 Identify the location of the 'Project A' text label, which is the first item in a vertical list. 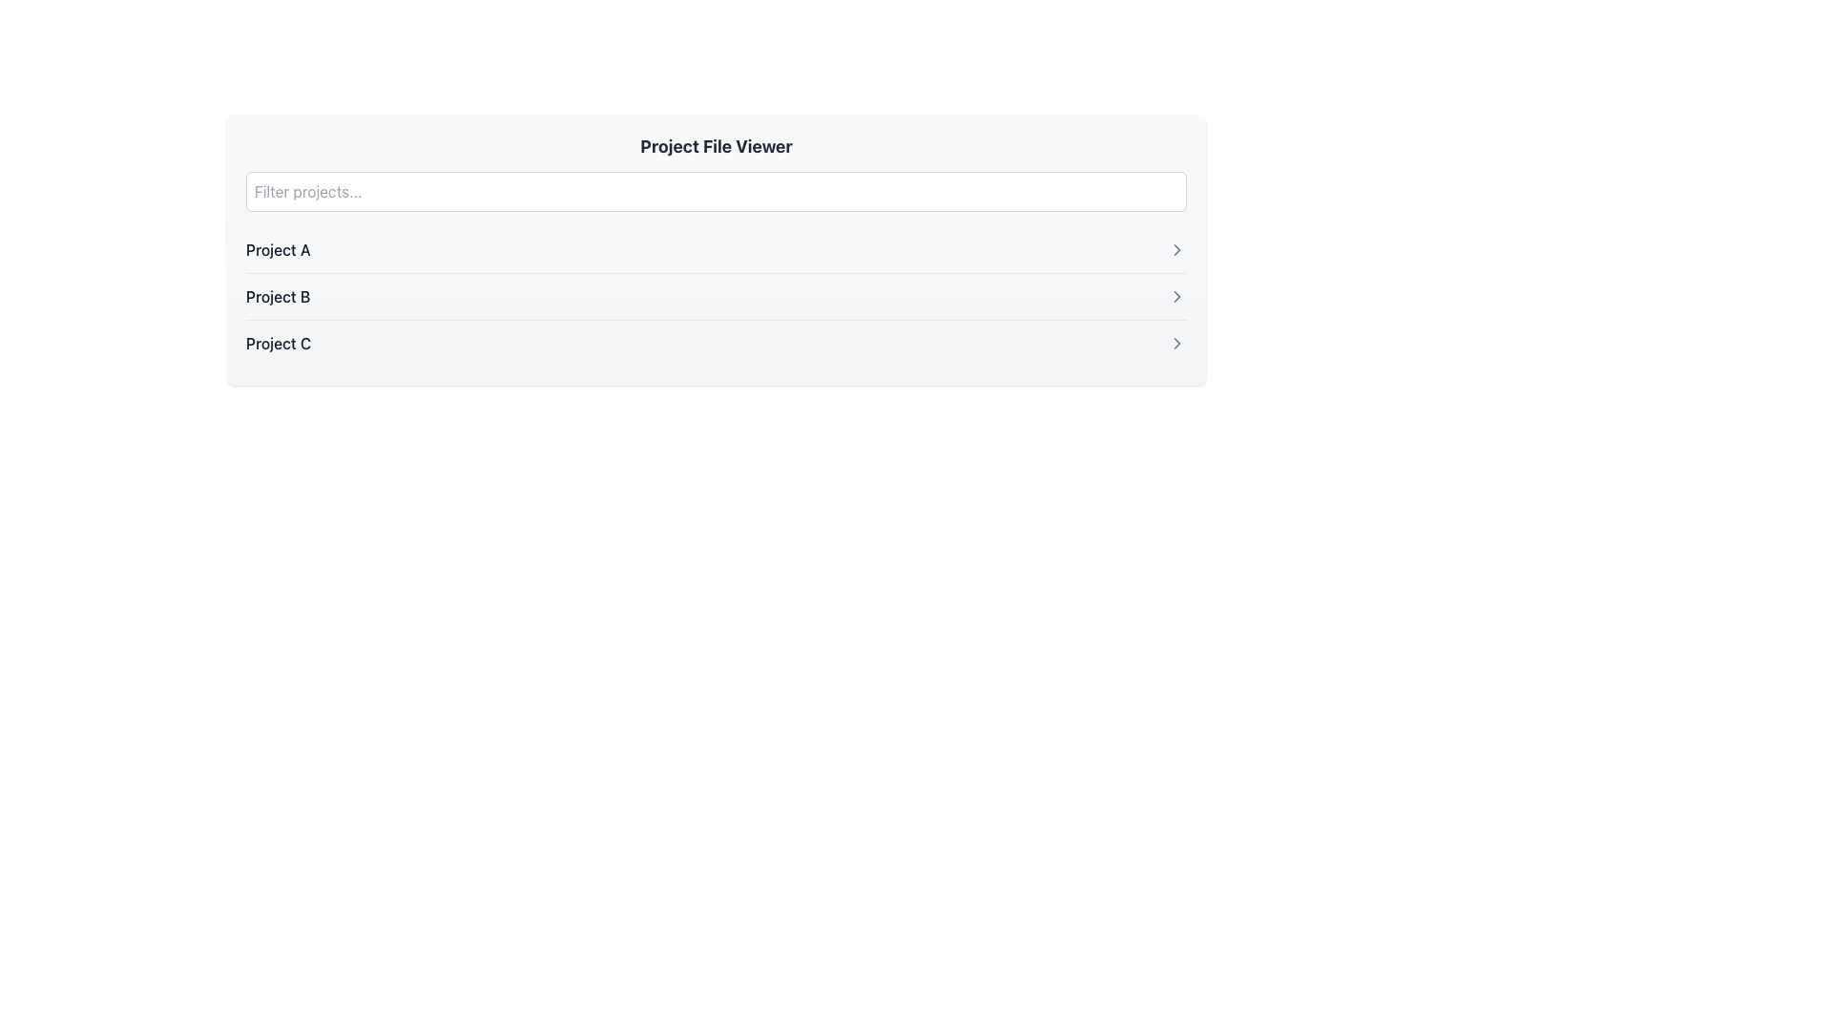
(277, 249).